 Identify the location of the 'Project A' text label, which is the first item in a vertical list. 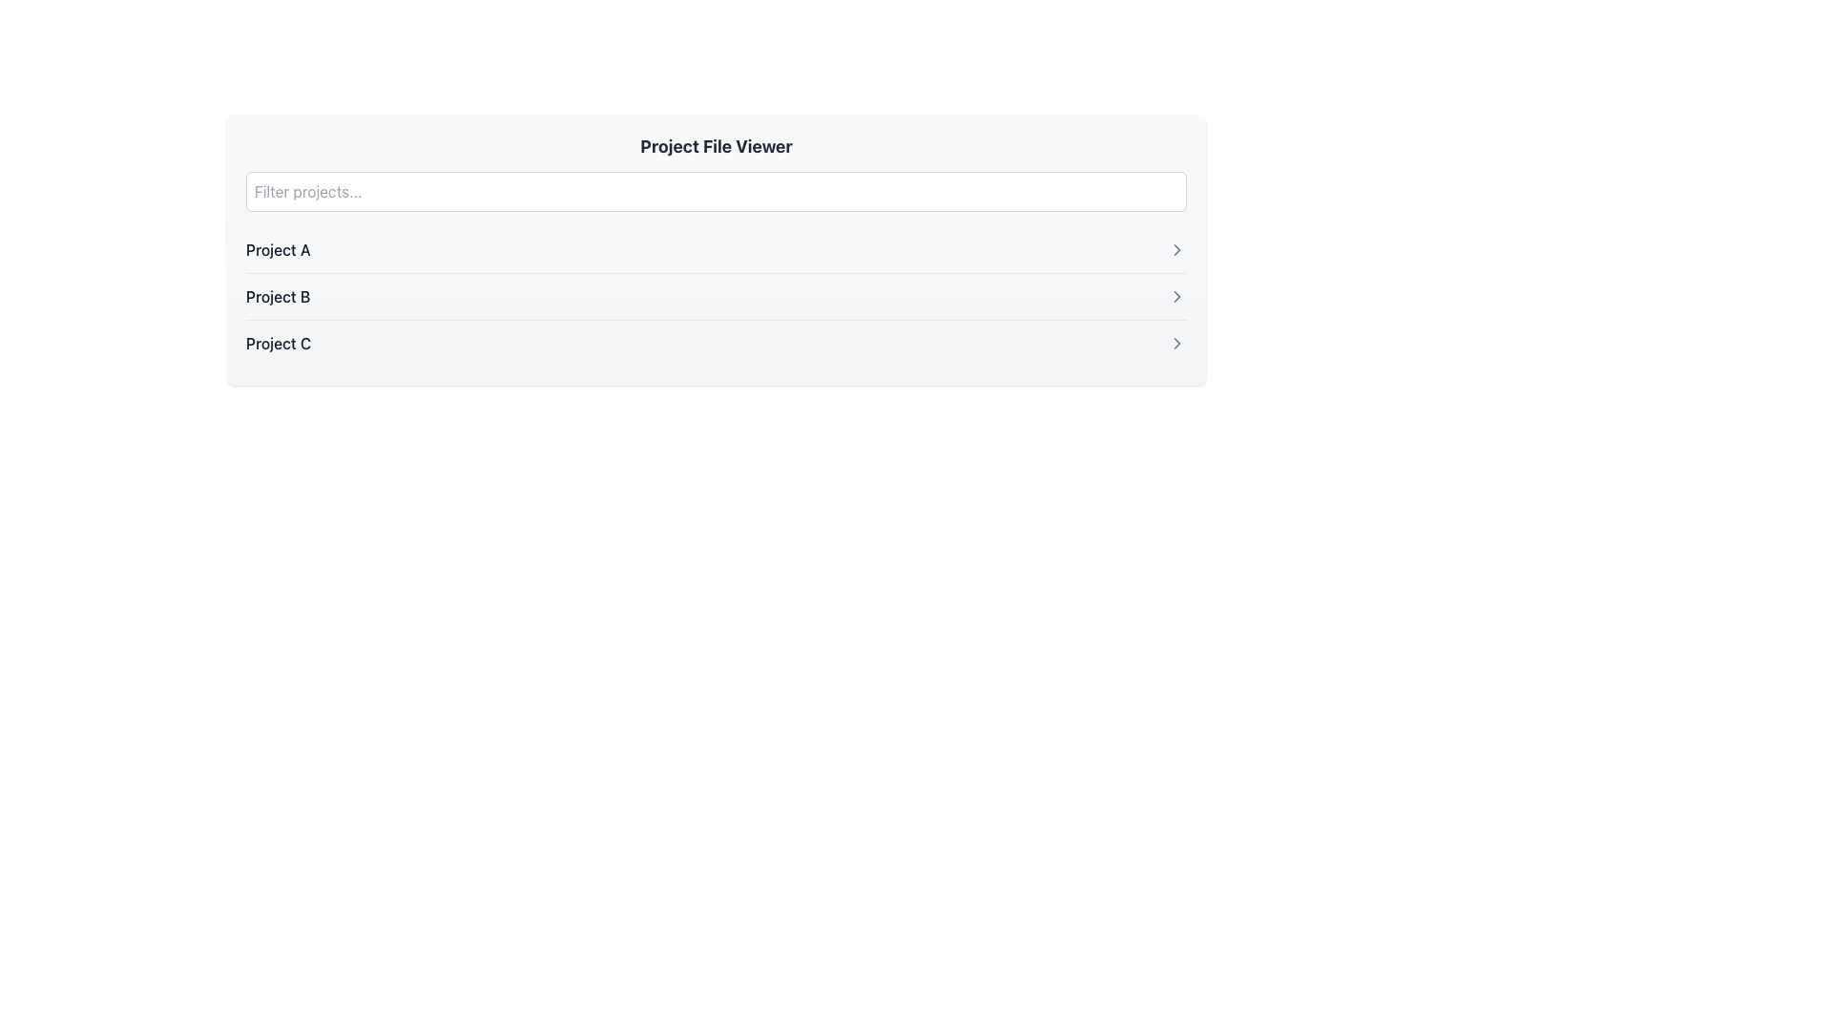
(277, 249).